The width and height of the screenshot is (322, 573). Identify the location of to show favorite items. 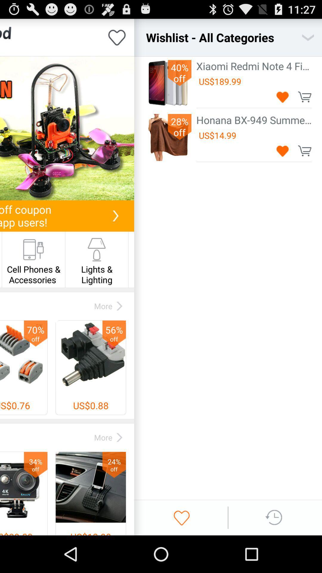
(181, 517).